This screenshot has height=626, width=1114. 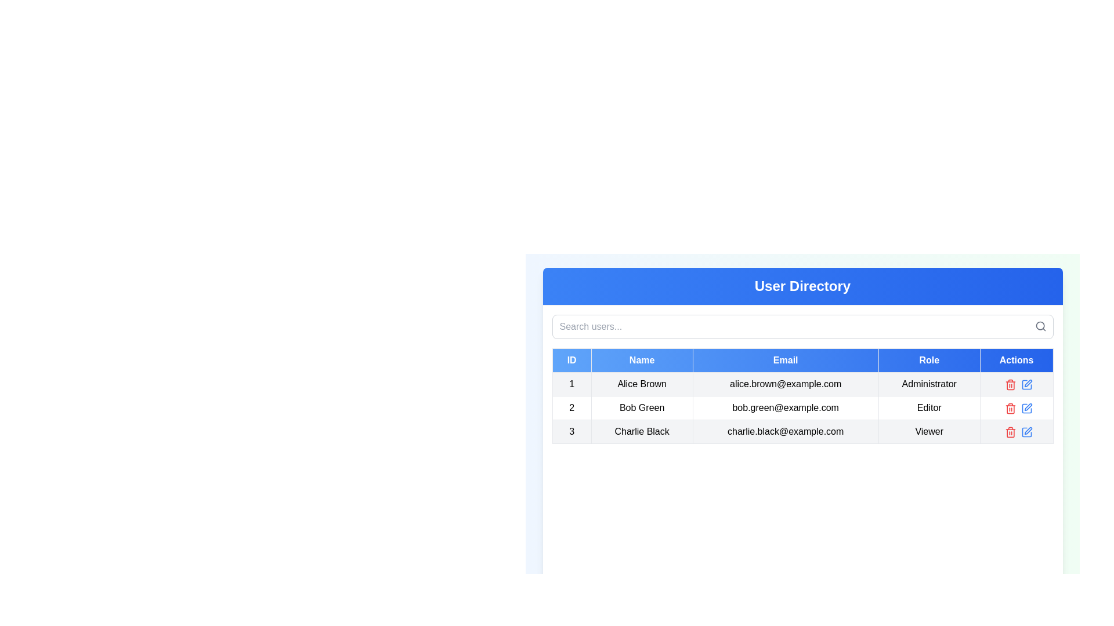 I want to click on the edit button located in the 'Actions' column of the last row for user 'Charlie Black', positioned to the right of the trash can icon, so click(x=1028, y=431).